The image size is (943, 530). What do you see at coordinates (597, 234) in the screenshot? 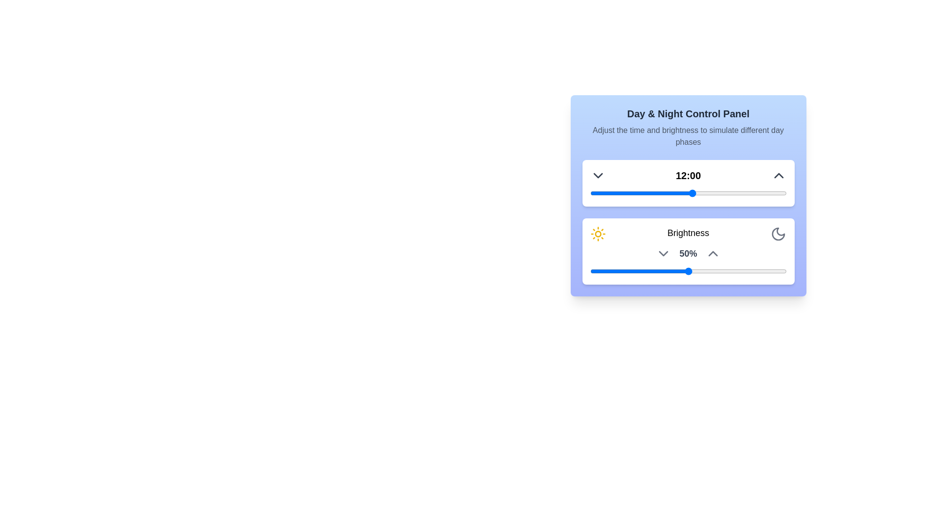
I see `the small circular shape within the sun icon in the 'Brightness' section of the control panel` at bounding box center [597, 234].